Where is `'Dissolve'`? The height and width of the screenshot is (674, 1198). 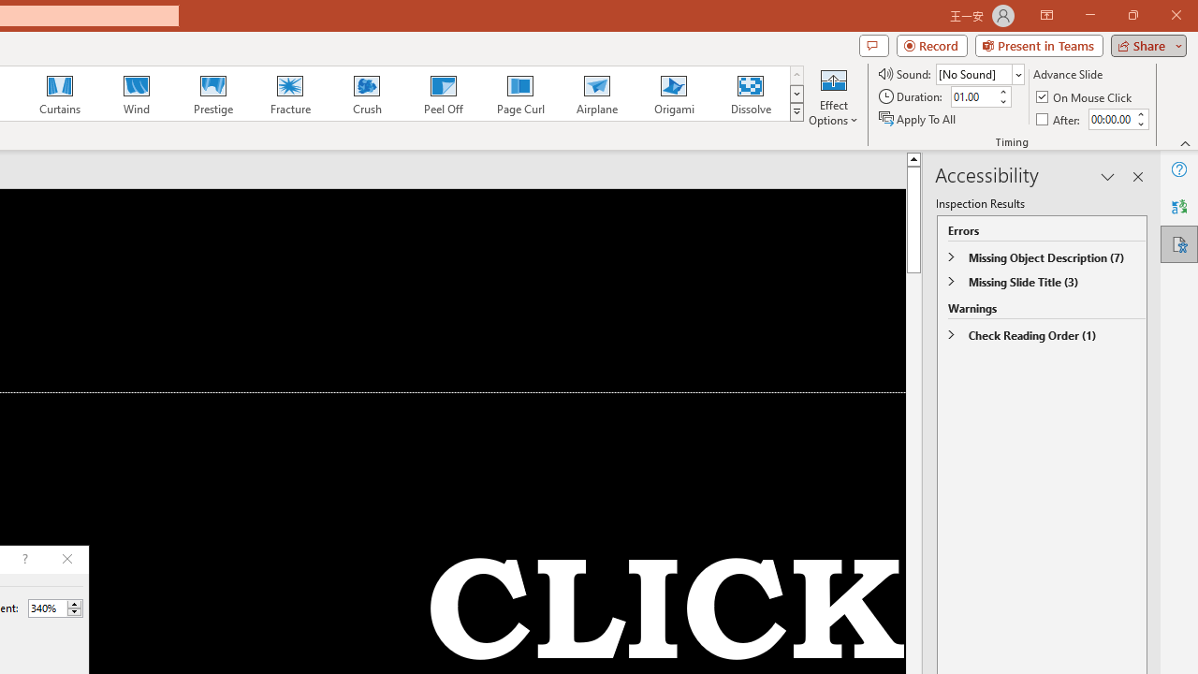
'Dissolve' is located at coordinates (751, 94).